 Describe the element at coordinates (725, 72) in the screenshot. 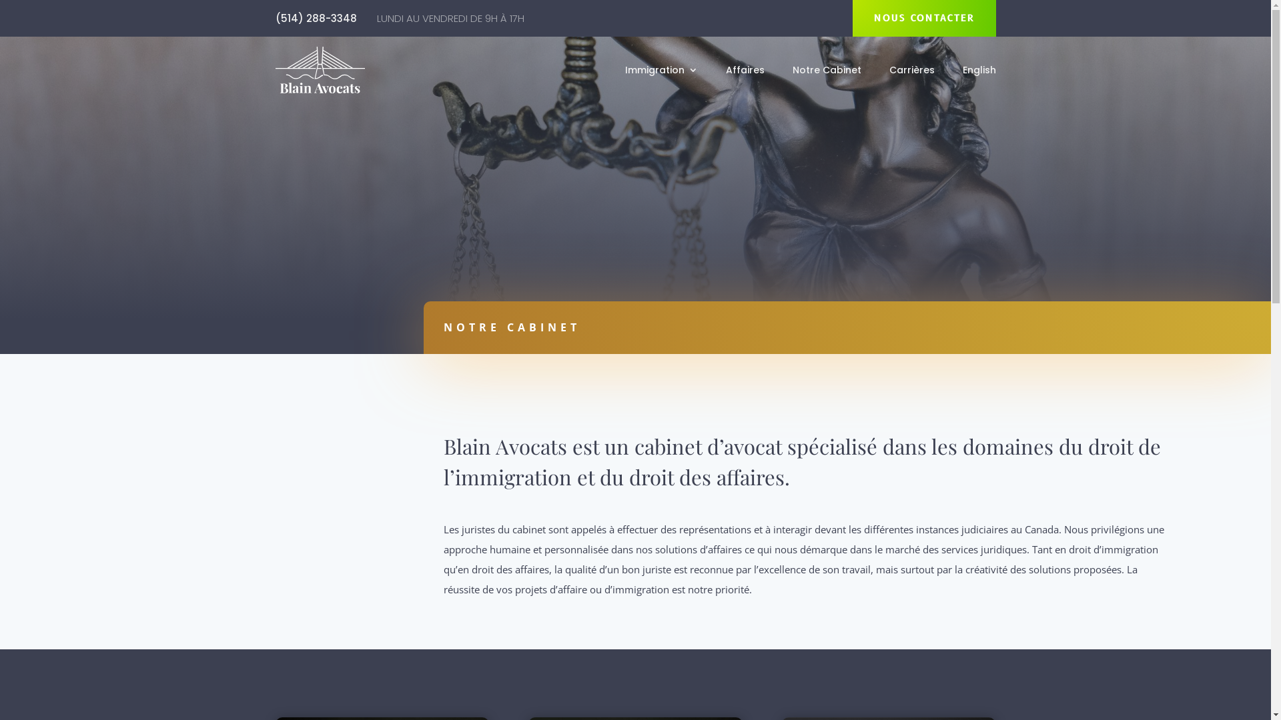

I see `'Affaires'` at that location.